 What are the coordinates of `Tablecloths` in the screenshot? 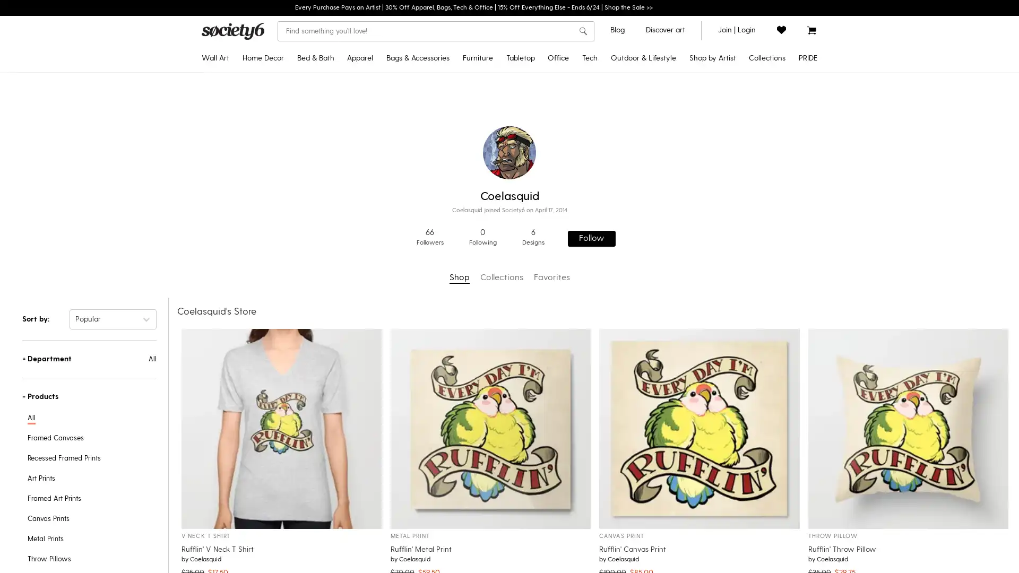 It's located at (540, 119).